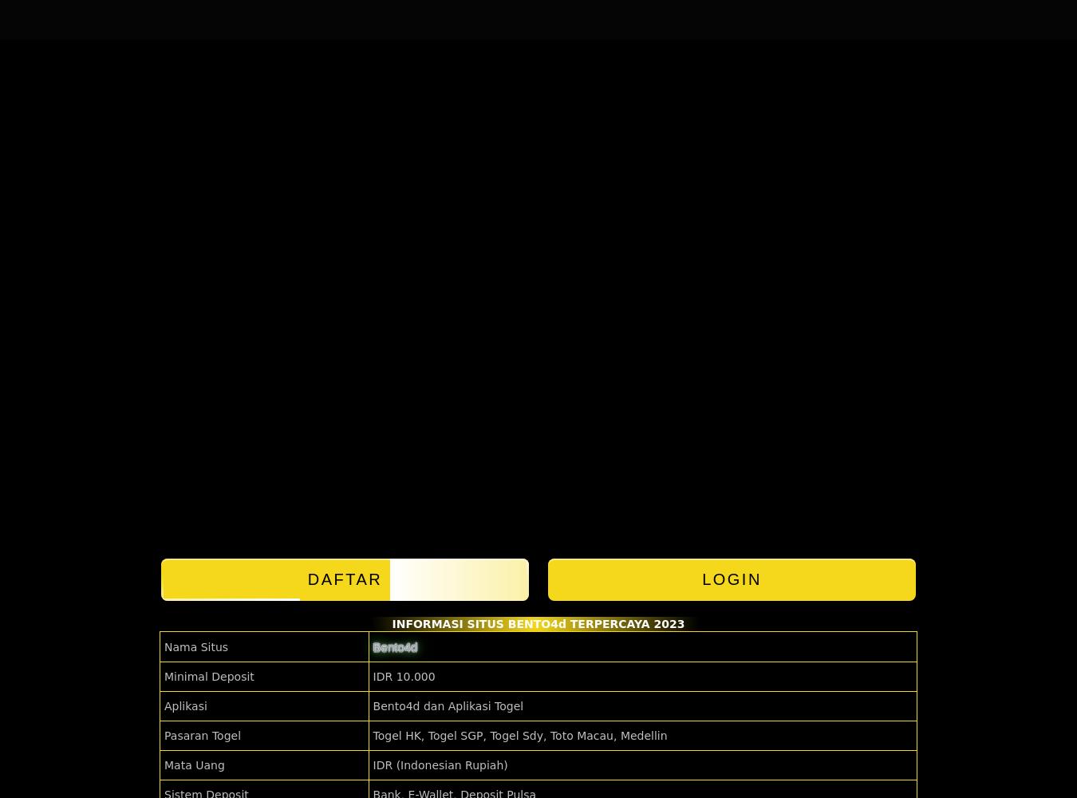 Image resolution: width=1077 pixels, height=798 pixels. What do you see at coordinates (195, 646) in the screenshot?
I see `'Nama Situs'` at bounding box center [195, 646].